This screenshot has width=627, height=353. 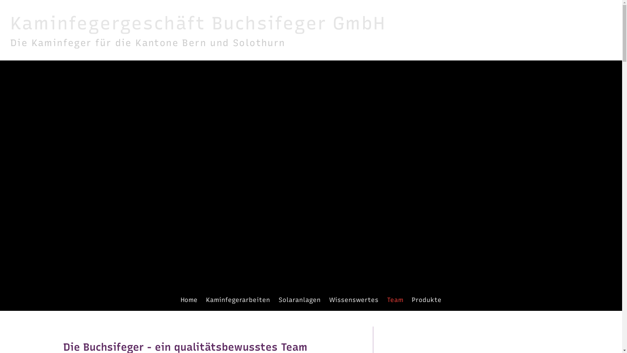 I want to click on 'Produkte', so click(x=426, y=300).